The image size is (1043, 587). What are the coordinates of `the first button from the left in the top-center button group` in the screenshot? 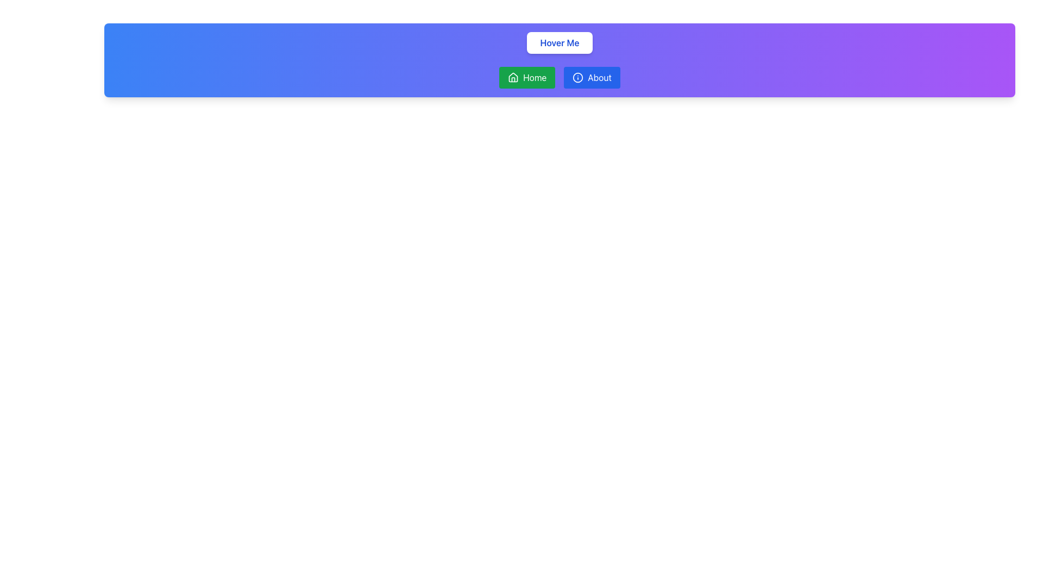 It's located at (527, 77).